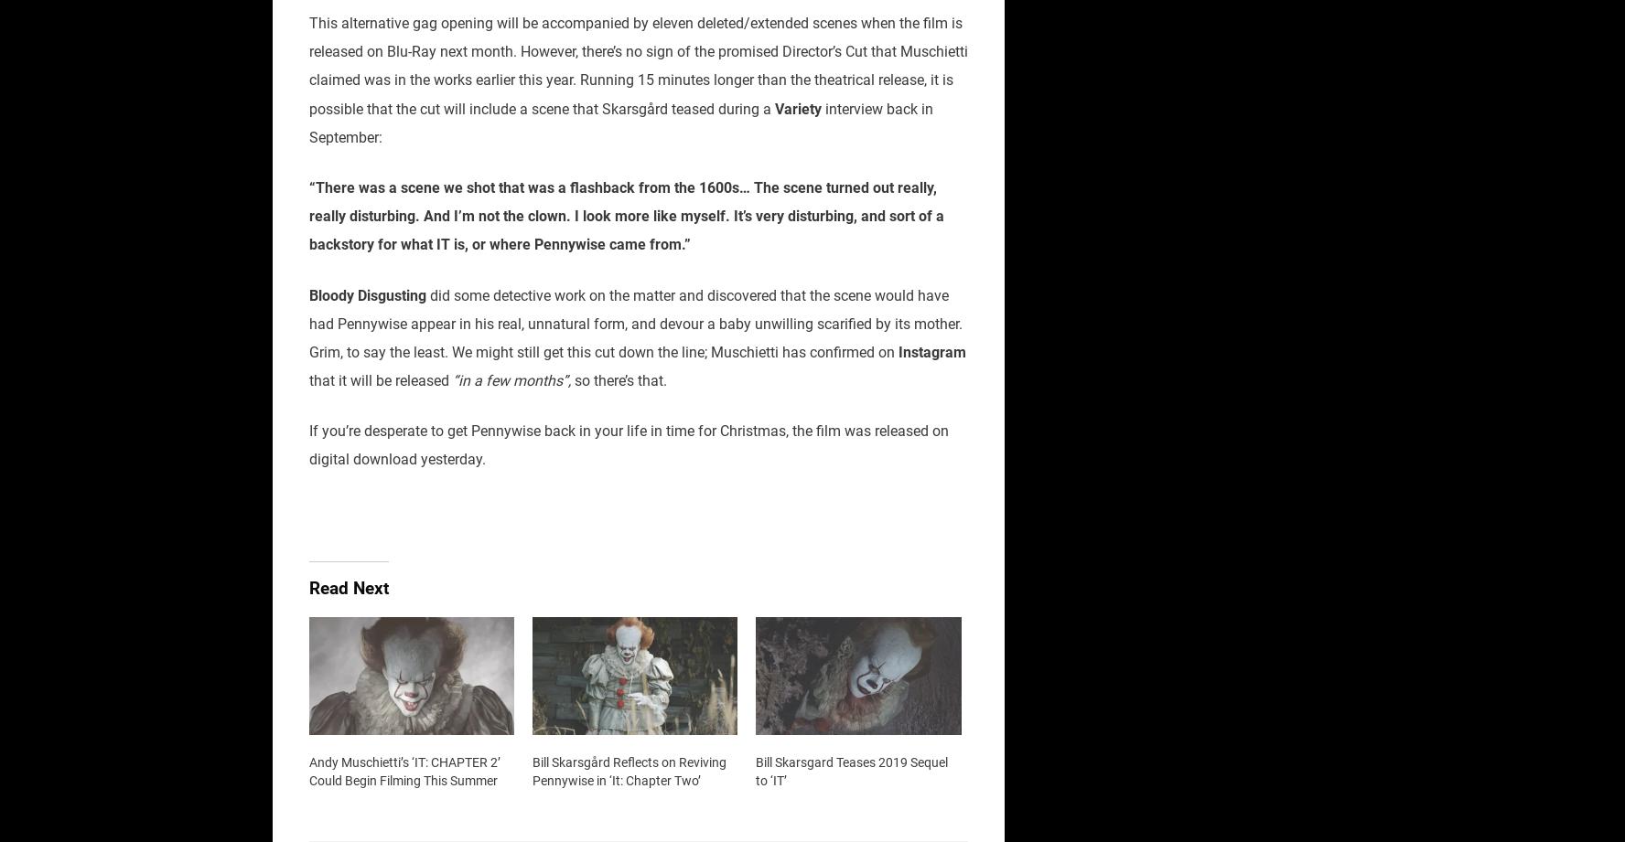  What do you see at coordinates (635, 37) in the screenshot?
I see `'This alternative gag opening will be accompanied by eleven deleted/extended scenes when the film is released on Blu-Ray next month.'` at bounding box center [635, 37].